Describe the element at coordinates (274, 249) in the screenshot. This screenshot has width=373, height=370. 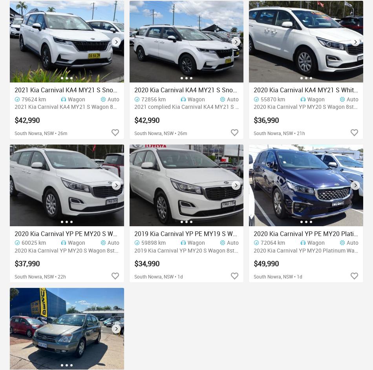
I see `'6 cyl 3.3L'` at that location.